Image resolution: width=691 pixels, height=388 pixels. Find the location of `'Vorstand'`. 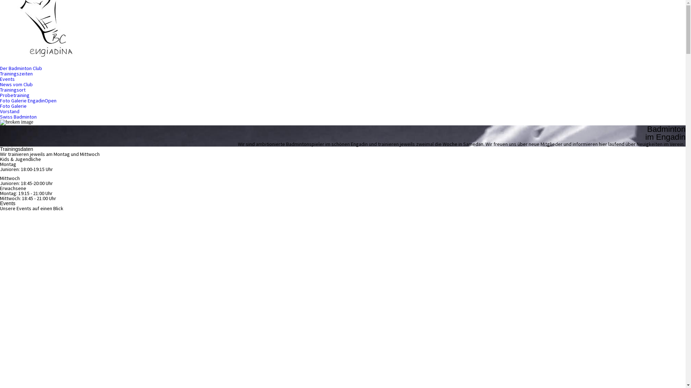

'Vorstand' is located at coordinates (0, 111).